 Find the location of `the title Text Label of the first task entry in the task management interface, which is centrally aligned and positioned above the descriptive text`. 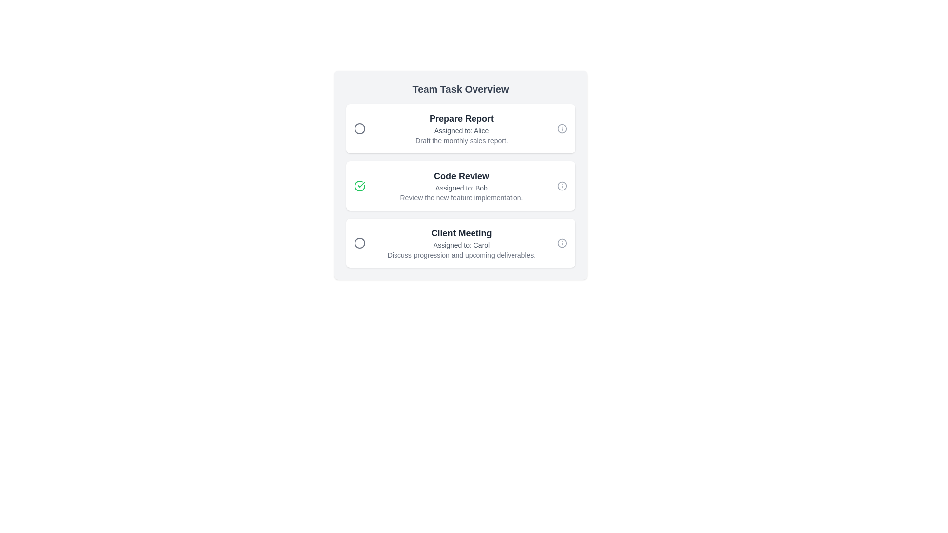

the title Text Label of the first task entry in the task management interface, which is centrally aligned and positioned above the descriptive text is located at coordinates (461, 118).